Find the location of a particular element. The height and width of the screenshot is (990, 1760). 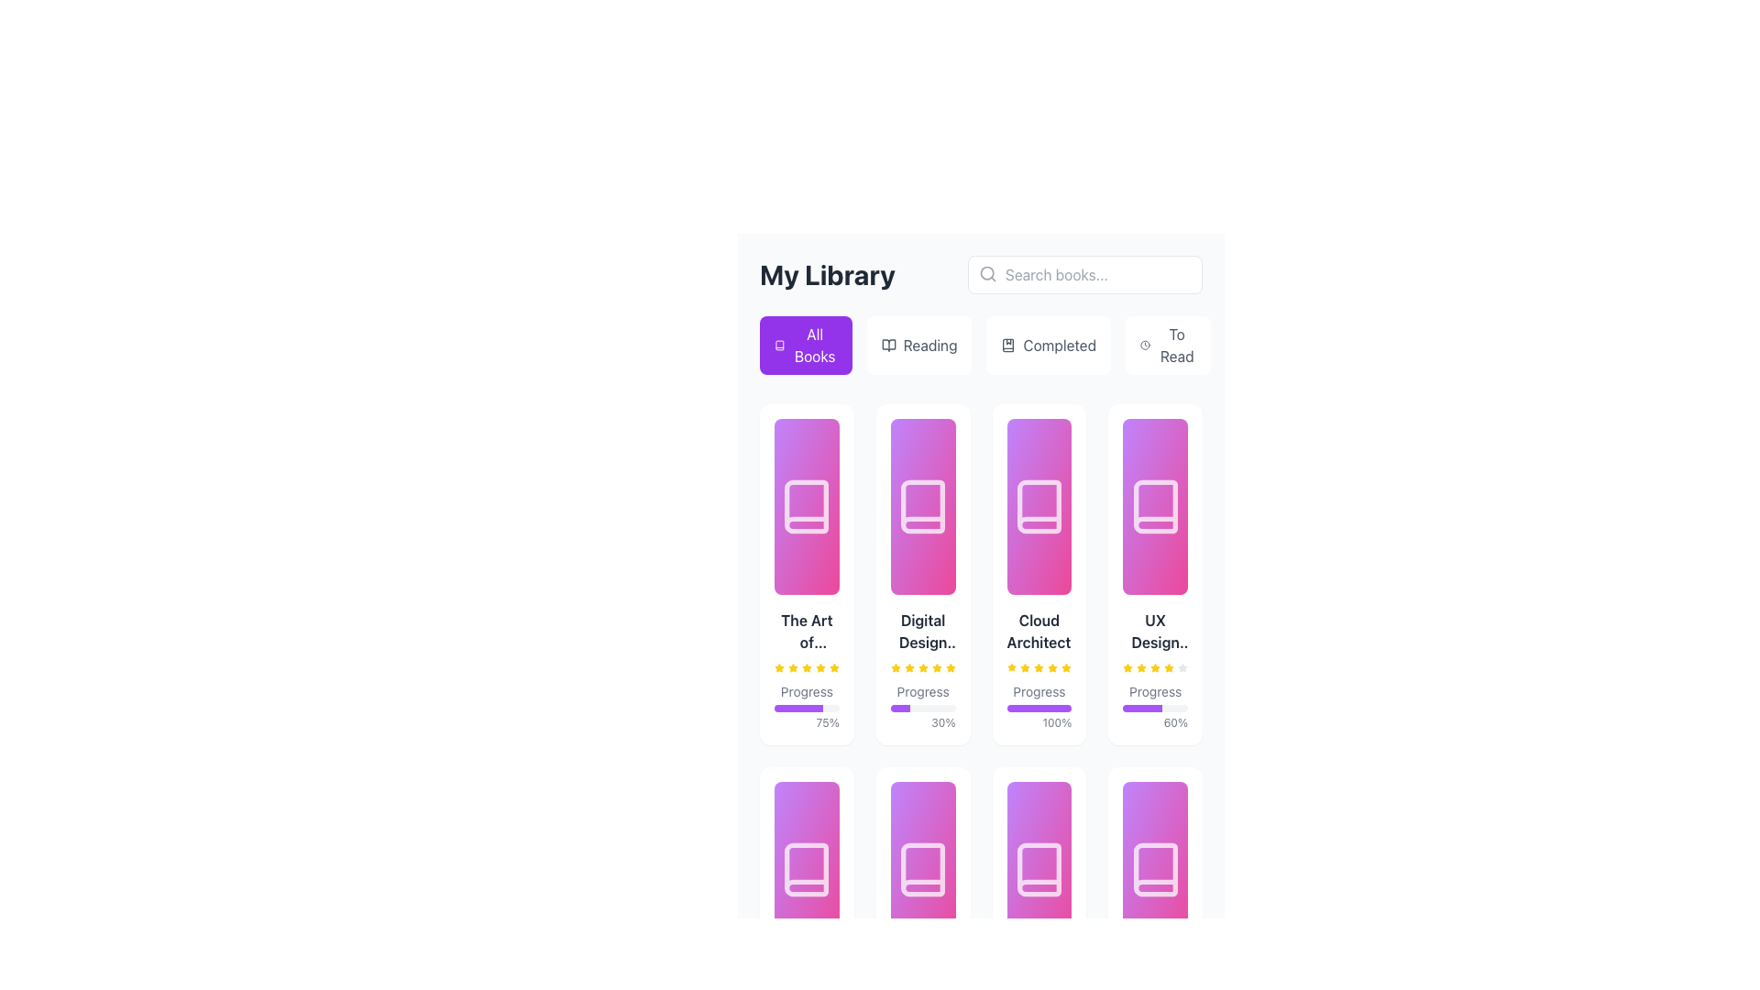

the decorative book icon located in the second column of the lower row of book tiles, which serves as a visual identifier for the associated book tile is located at coordinates (923, 868).